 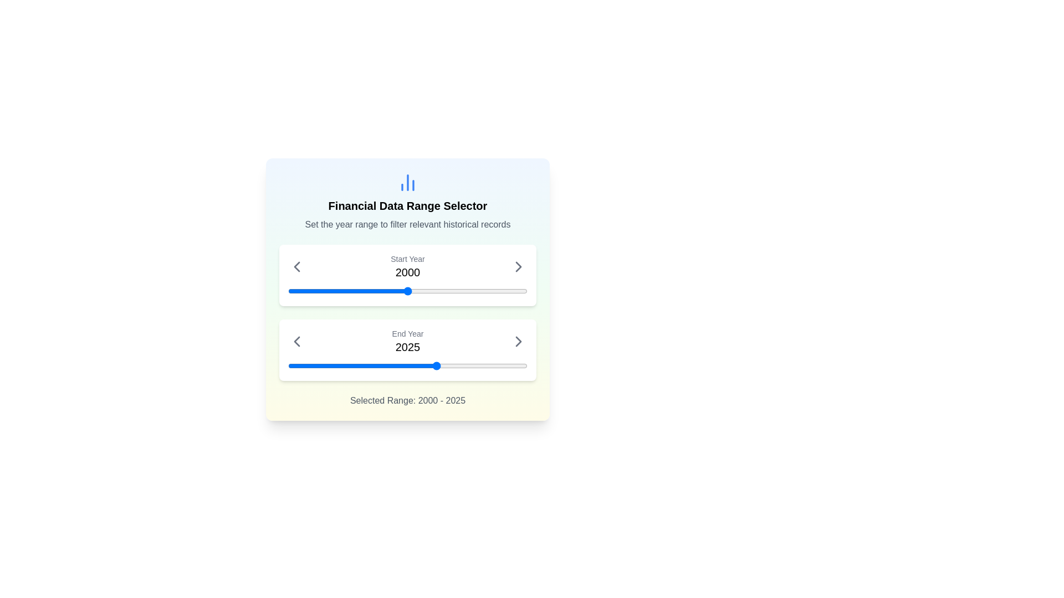 I want to click on the start year, so click(x=403, y=290).